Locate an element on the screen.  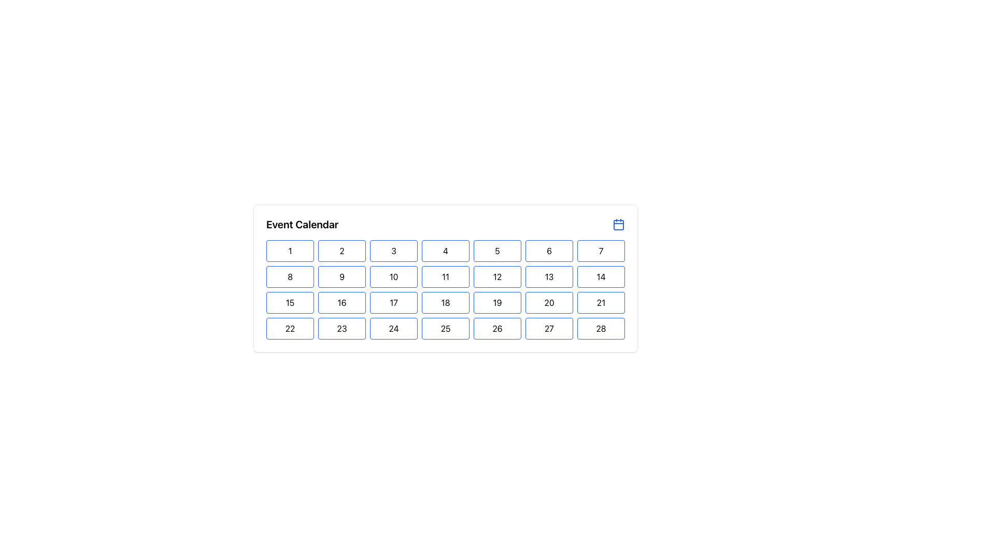
the selectable date button representing the date '28' in the bottom-right corner of the calendar grid to trigger the hover effect is located at coordinates (601, 329).